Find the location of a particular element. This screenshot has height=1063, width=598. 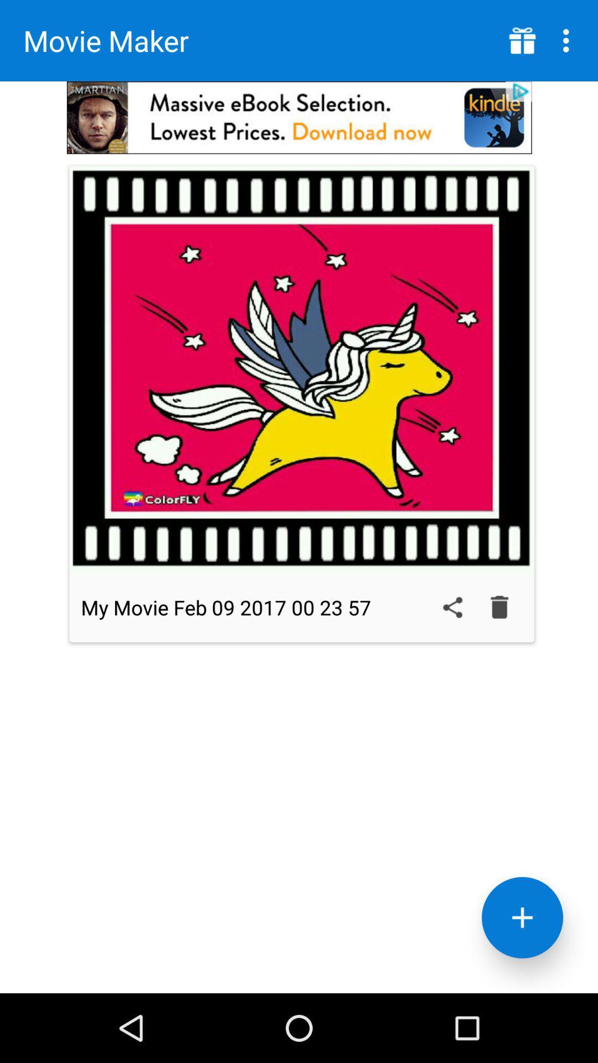

to movie maker is located at coordinates (522, 917).